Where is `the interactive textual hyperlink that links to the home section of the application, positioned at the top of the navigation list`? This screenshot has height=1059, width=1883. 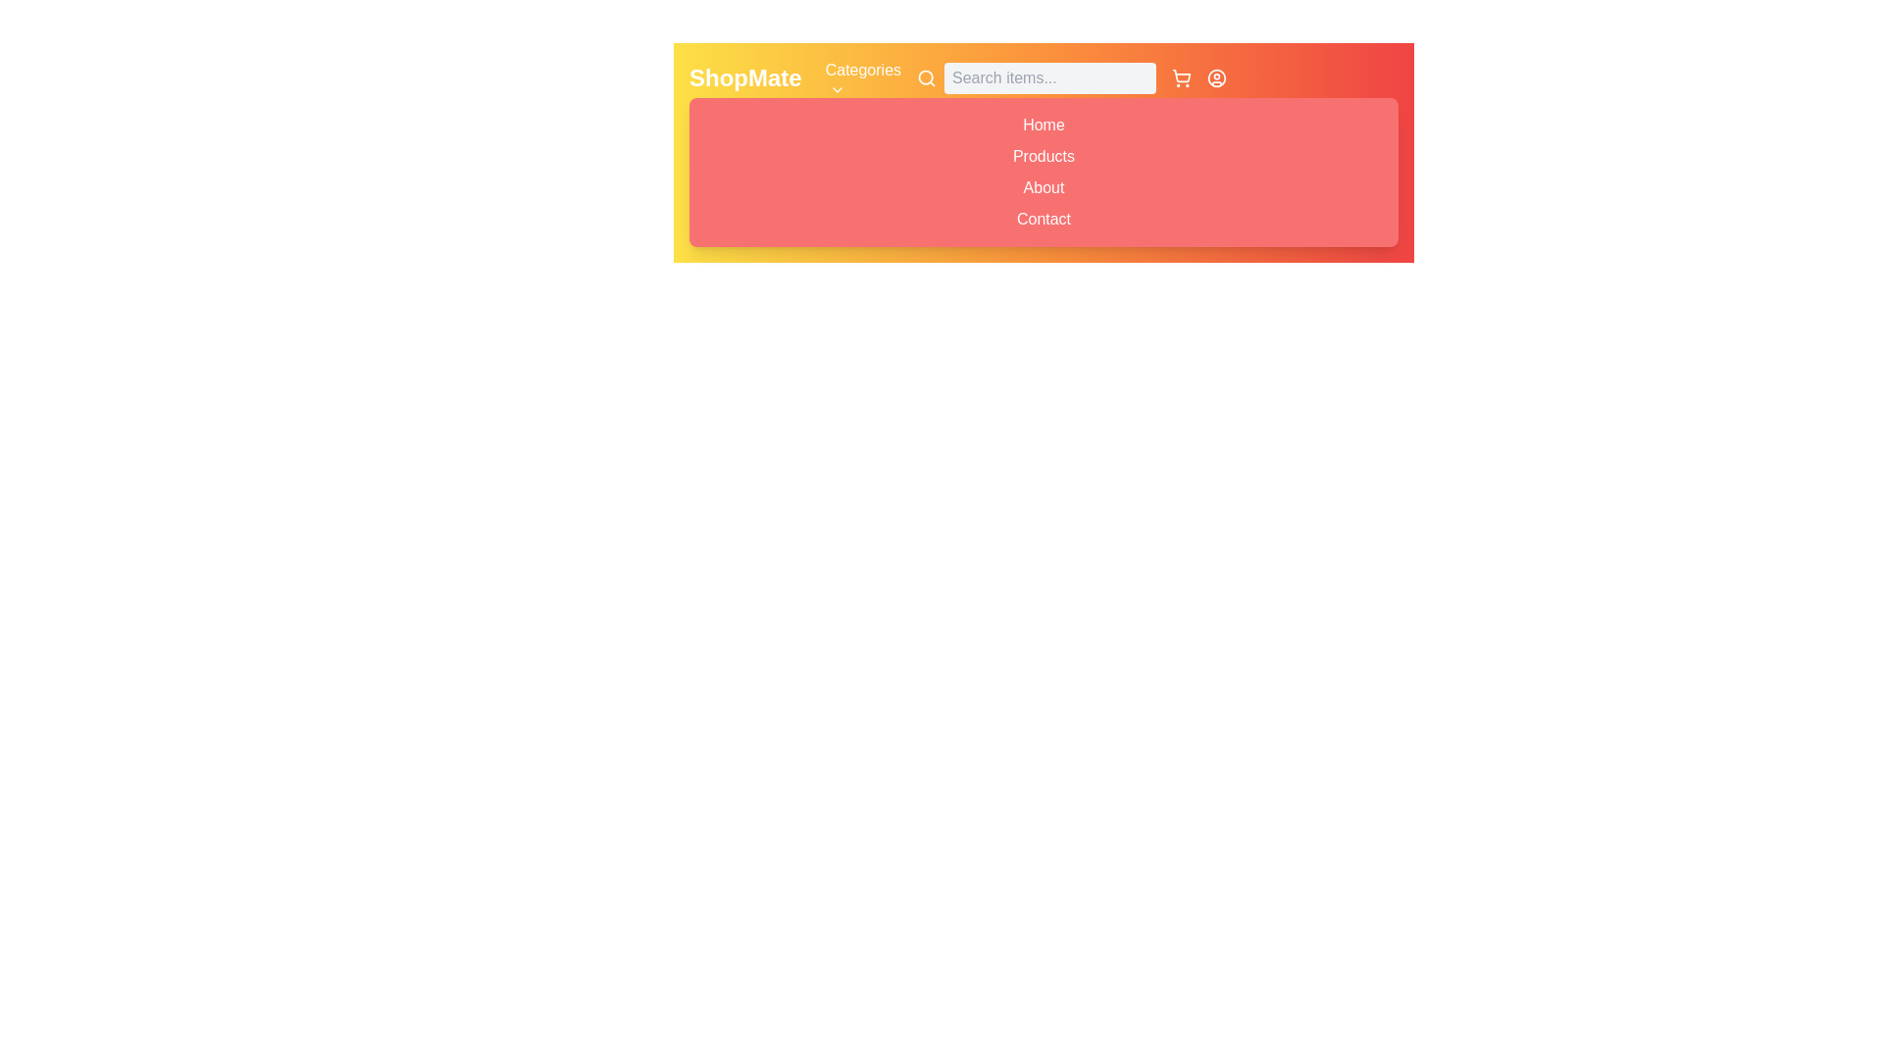 the interactive textual hyperlink that links to the home section of the application, positioned at the top of the navigation list is located at coordinates (1043, 125).